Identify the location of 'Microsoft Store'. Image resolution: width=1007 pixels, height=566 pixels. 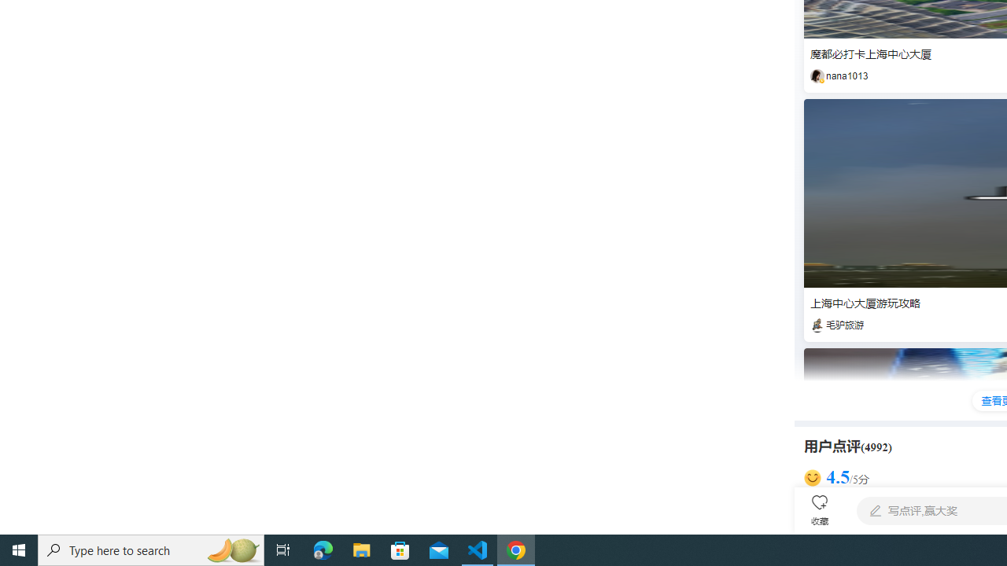
(400, 549).